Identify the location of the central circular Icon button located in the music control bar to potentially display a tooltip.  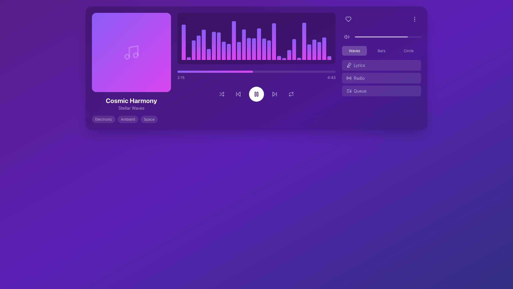
(256, 94).